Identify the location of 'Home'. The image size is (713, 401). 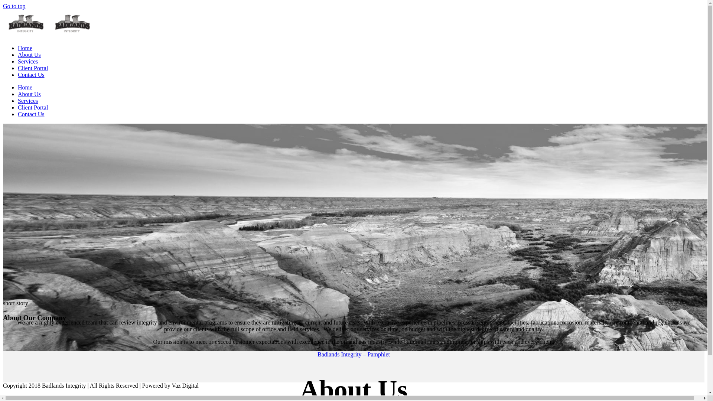
(25, 48).